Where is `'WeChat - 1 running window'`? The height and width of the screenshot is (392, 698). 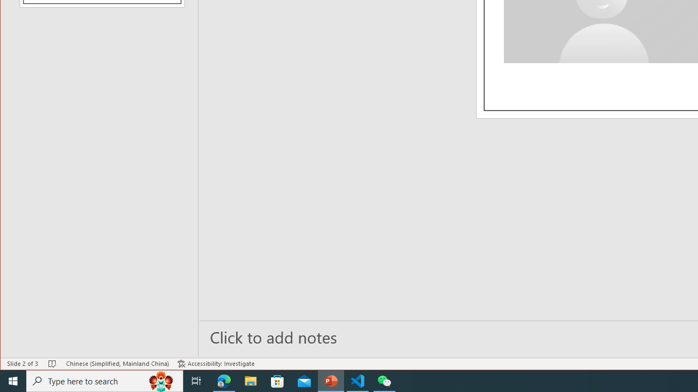
'WeChat - 1 running window' is located at coordinates (384, 380).